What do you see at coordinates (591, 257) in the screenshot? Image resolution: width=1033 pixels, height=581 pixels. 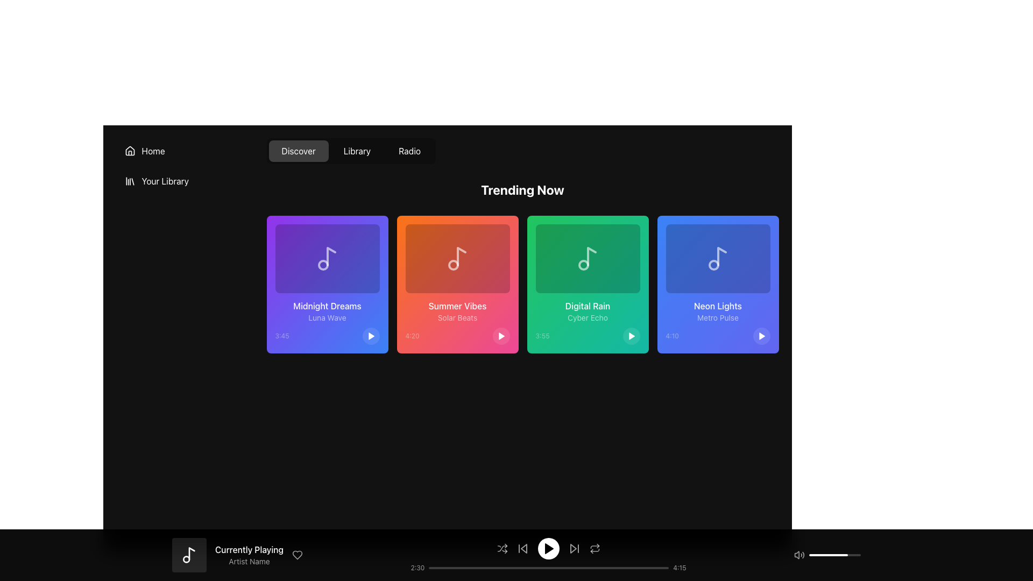 I see `the SVG icon representing the musical theme of the 'Digital Rain' card, located in the upper-right of the main circular element within the third card in the 'Trending Now' section` at bounding box center [591, 257].